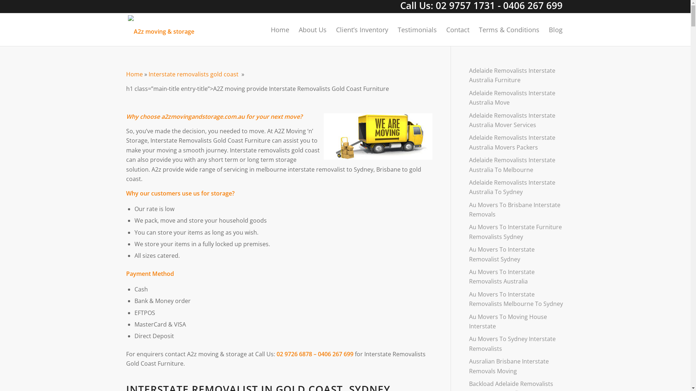  I want to click on 'Au Movers To Moving House Interstate', so click(516, 321).